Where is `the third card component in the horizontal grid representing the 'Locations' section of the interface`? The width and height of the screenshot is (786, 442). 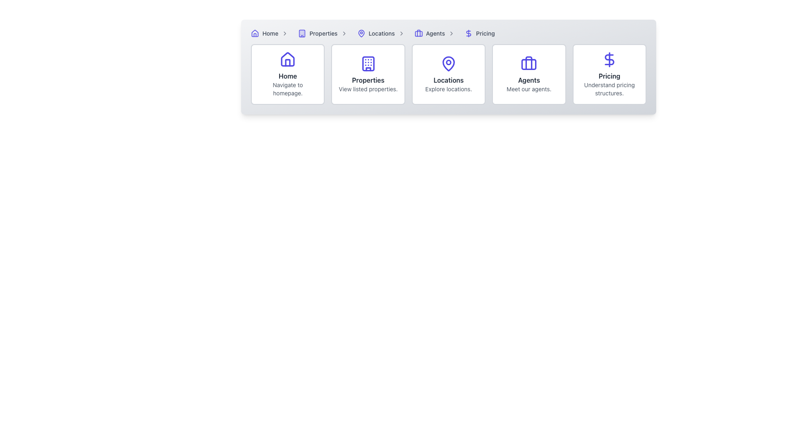
the third card component in the horizontal grid representing the 'Locations' section of the interface is located at coordinates (448, 74).